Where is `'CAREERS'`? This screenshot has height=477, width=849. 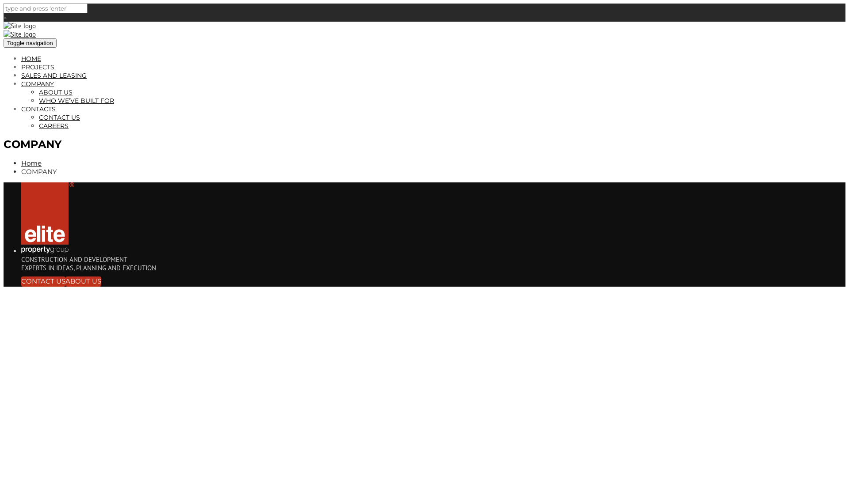 'CAREERS' is located at coordinates (53, 126).